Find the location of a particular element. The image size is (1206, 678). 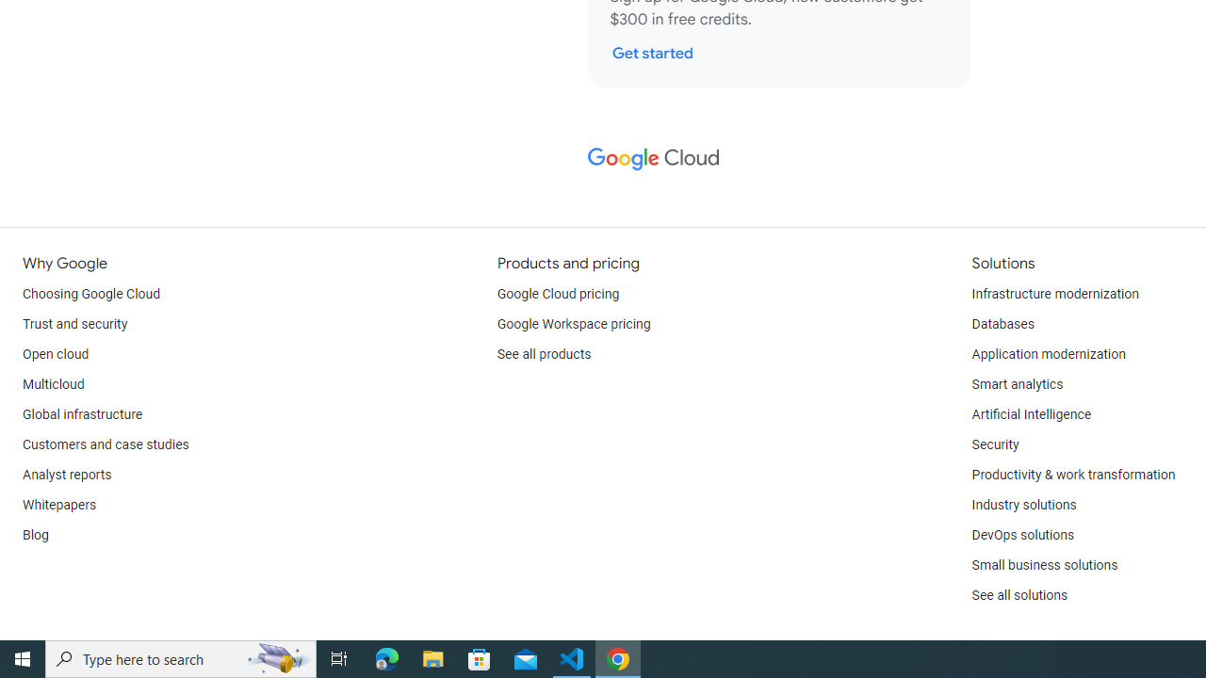

'Databases' is located at coordinates (1002, 323).